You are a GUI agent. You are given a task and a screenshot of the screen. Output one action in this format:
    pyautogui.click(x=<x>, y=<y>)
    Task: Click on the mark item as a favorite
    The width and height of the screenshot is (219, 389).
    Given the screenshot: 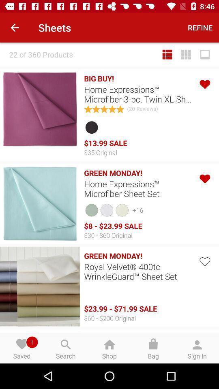 What is the action you would take?
    pyautogui.click(x=204, y=260)
    